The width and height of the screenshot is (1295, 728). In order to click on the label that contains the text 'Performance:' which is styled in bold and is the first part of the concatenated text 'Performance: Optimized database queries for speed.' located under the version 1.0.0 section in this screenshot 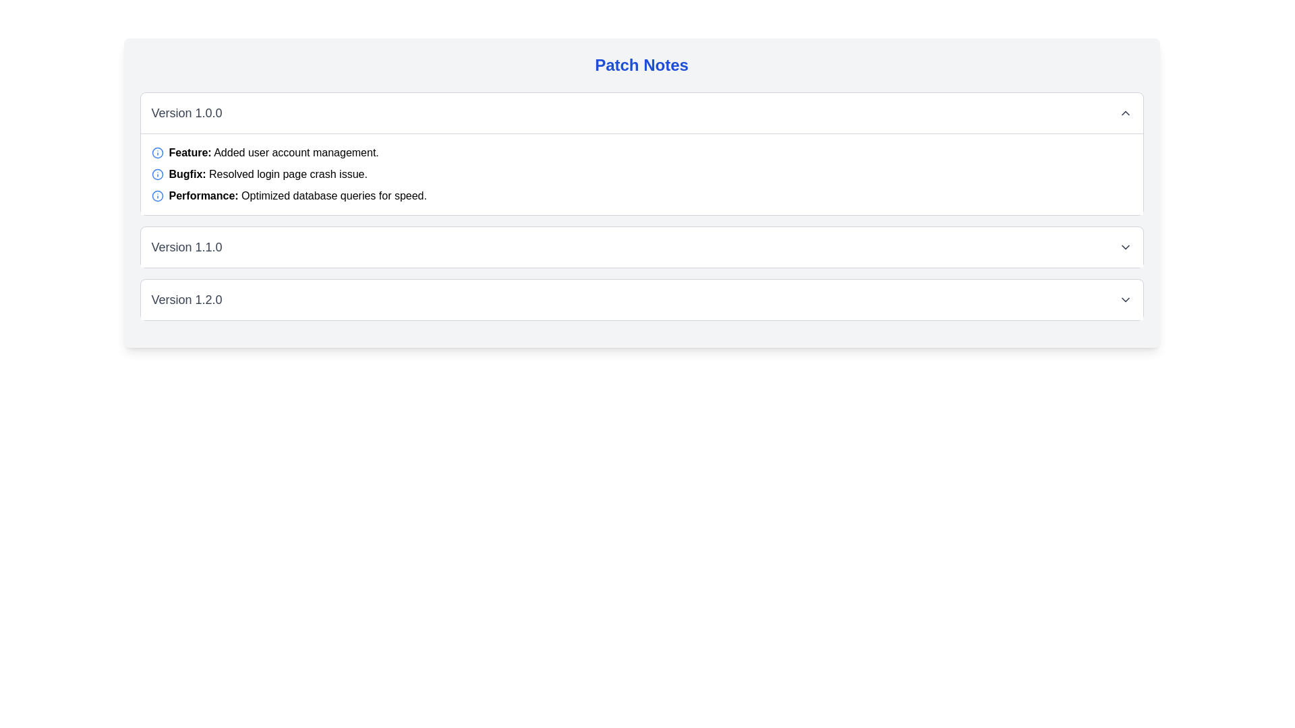, I will do `click(203, 195)`.